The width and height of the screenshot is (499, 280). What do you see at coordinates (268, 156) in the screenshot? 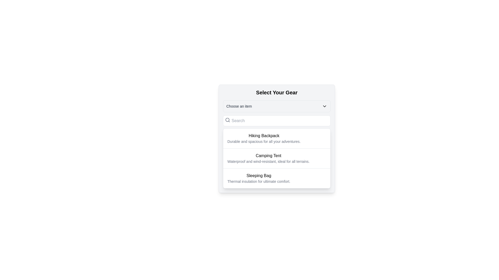
I see `the title text element 'Camping Tent', which is styled as a medium-weight title and serves as the header for the card, centered horizontally within the card` at bounding box center [268, 156].